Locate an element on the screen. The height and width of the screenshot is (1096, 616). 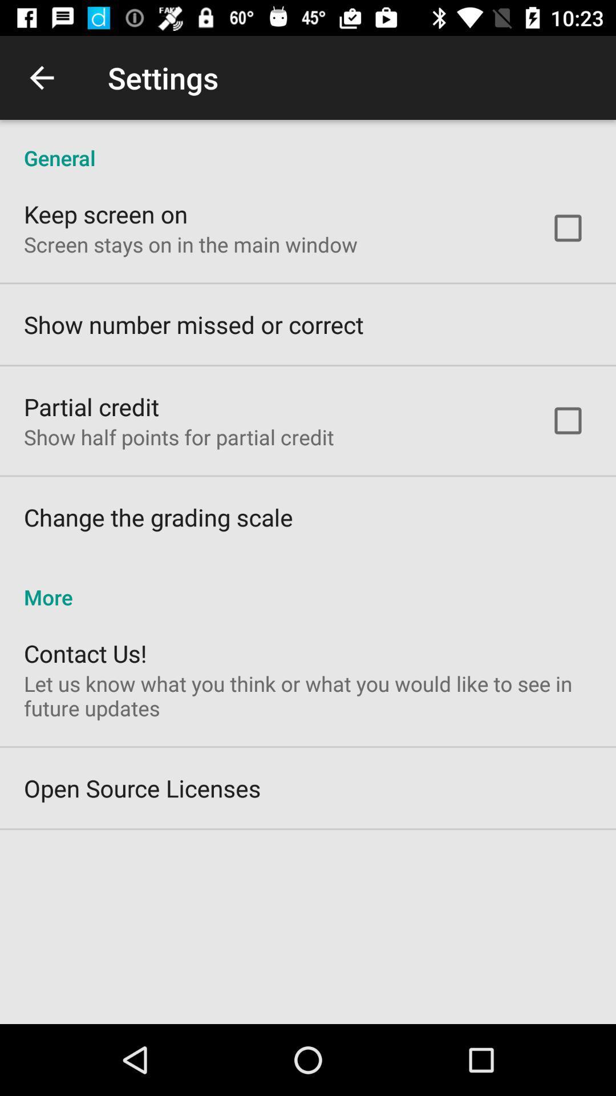
second check box from top is located at coordinates (568, 420).